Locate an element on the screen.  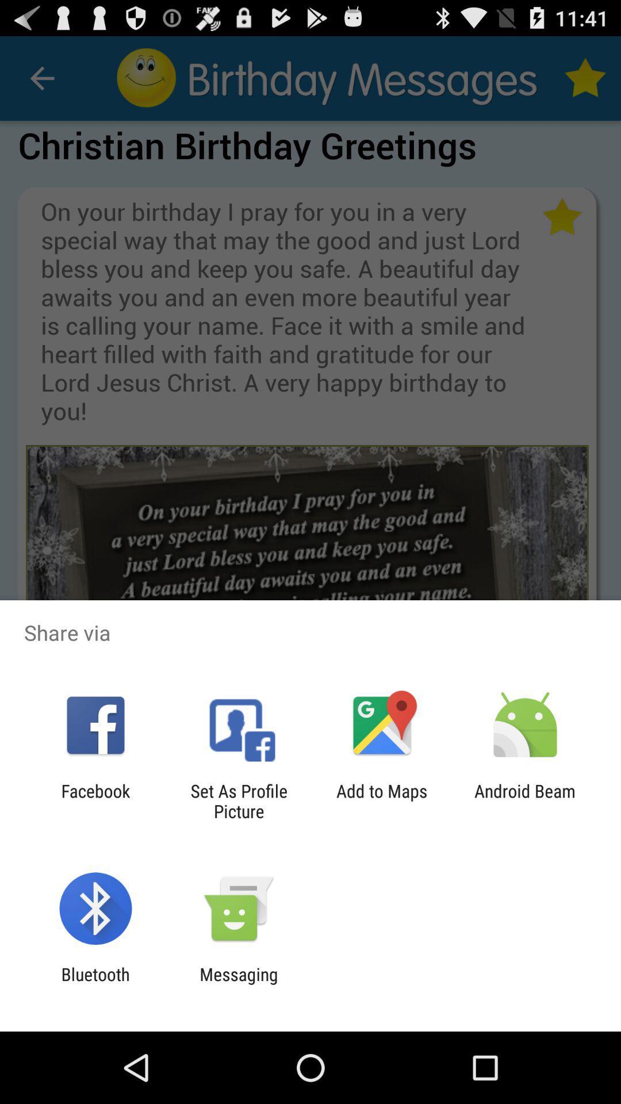
the icon next to the messaging icon is located at coordinates (95, 984).